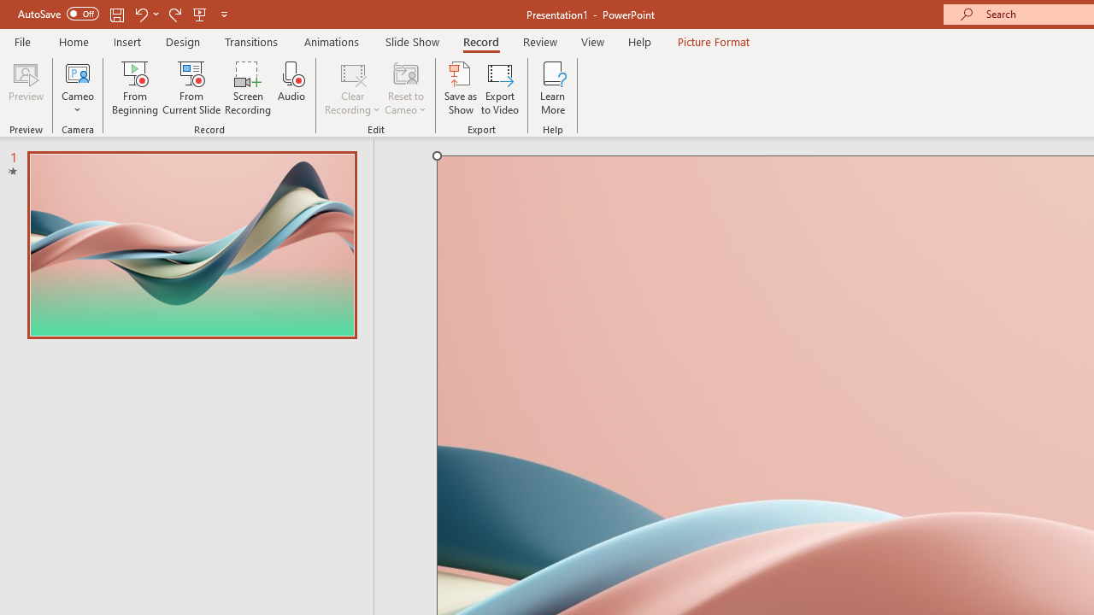 This screenshot has height=615, width=1094. Describe the element at coordinates (404, 88) in the screenshot. I see `'Reset to Cameo'` at that location.